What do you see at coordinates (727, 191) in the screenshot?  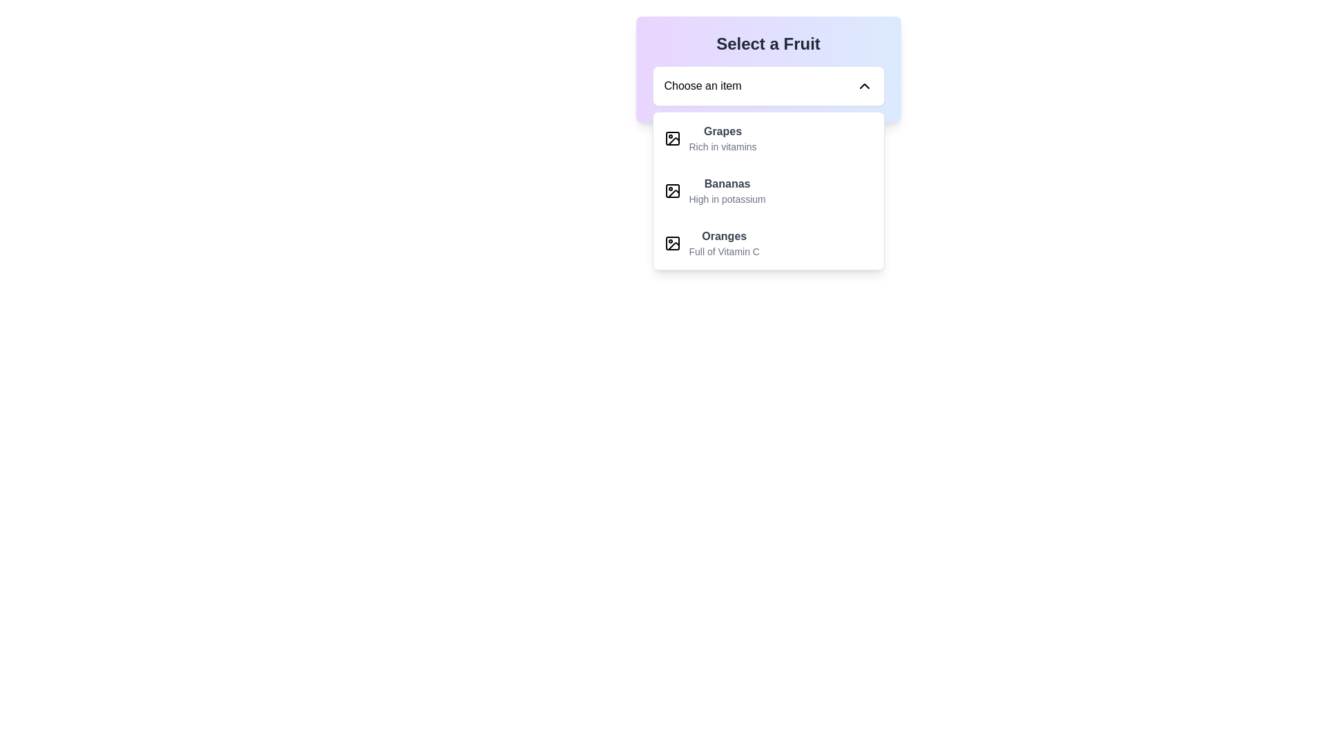 I see `the 'Bananas' option in the dropdown menu, which is the second item listed under 'Select a Fruit'` at bounding box center [727, 191].